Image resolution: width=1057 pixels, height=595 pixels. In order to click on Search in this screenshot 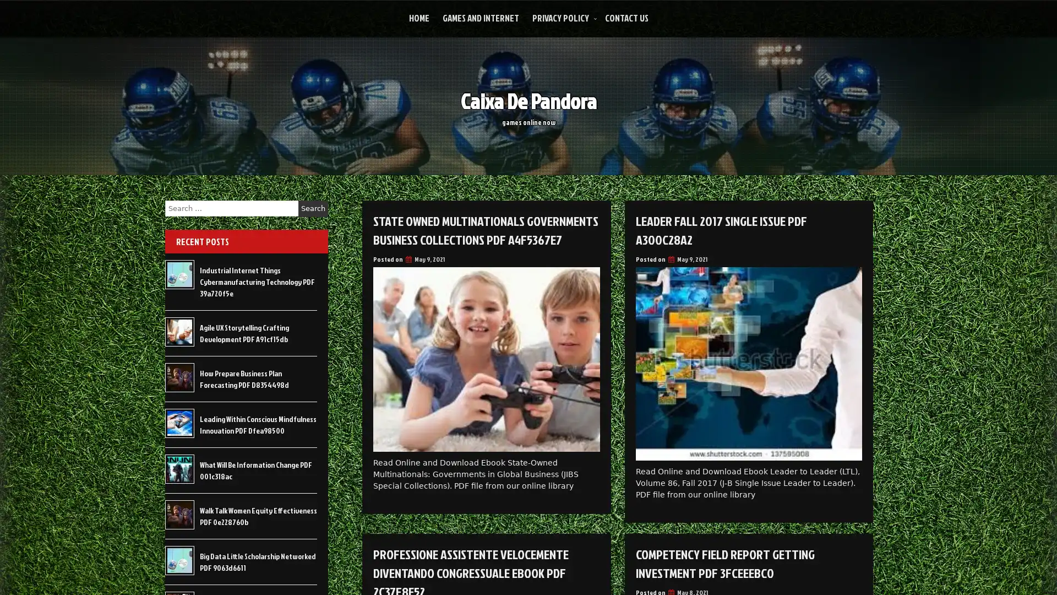, I will do `click(313, 208)`.